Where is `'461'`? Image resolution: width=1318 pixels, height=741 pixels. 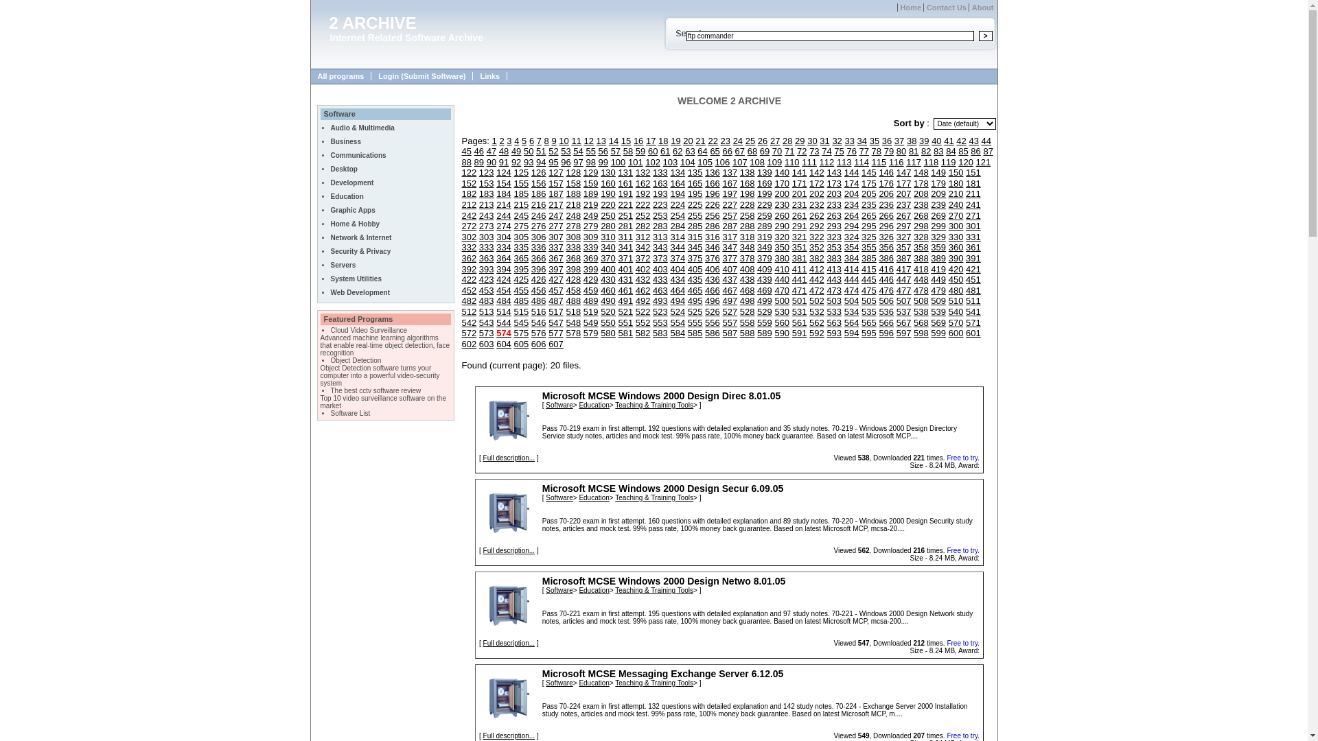 '461' is located at coordinates (625, 290).